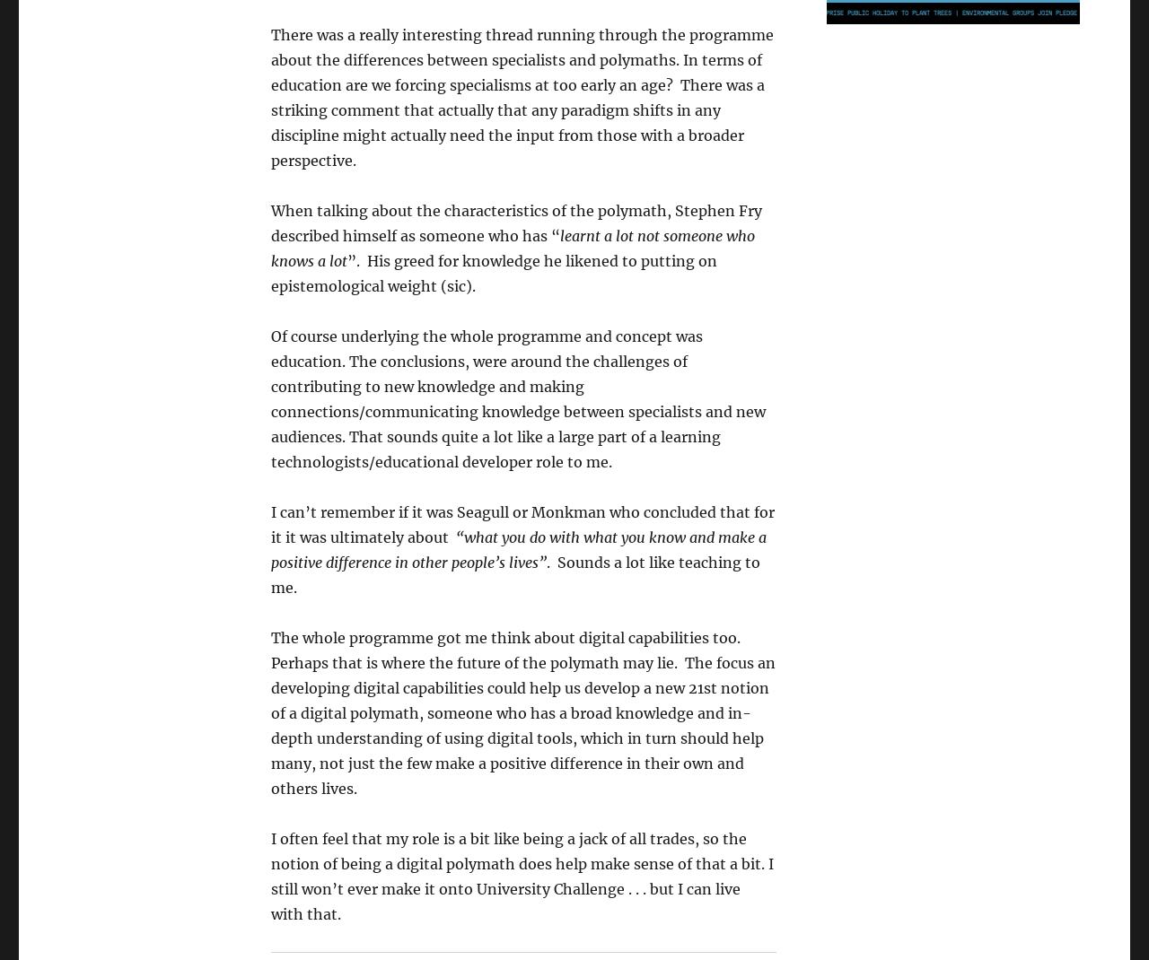 The image size is (1149, 960). I want to click on '”.  His greed for knowledge he likened to putting on epistemological weight (sic).', so click(494, 273).